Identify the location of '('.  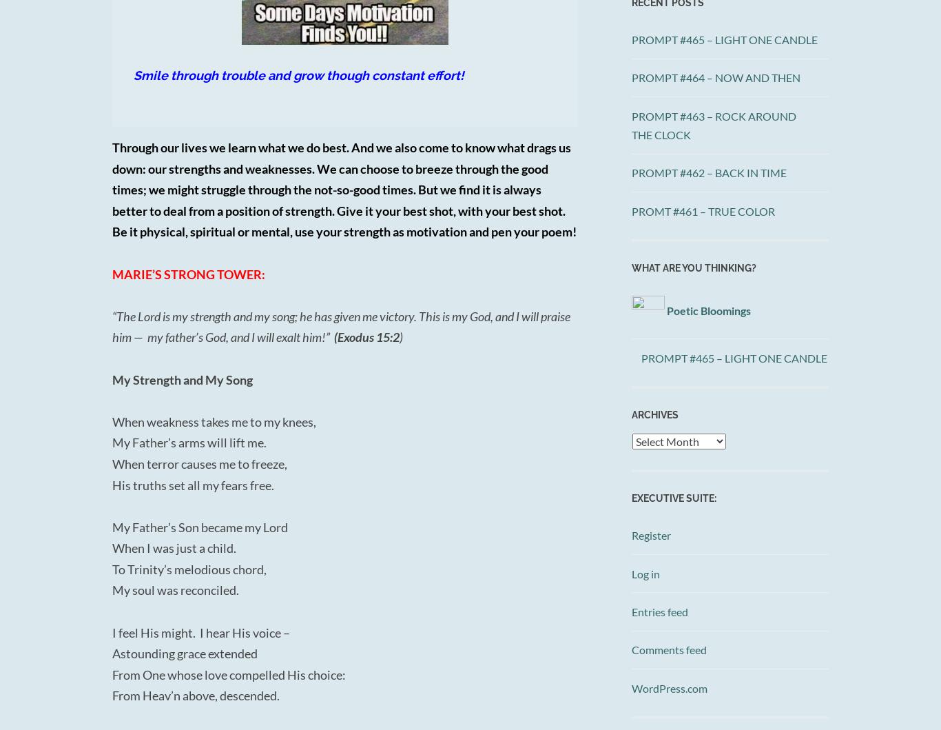
(332, 337).